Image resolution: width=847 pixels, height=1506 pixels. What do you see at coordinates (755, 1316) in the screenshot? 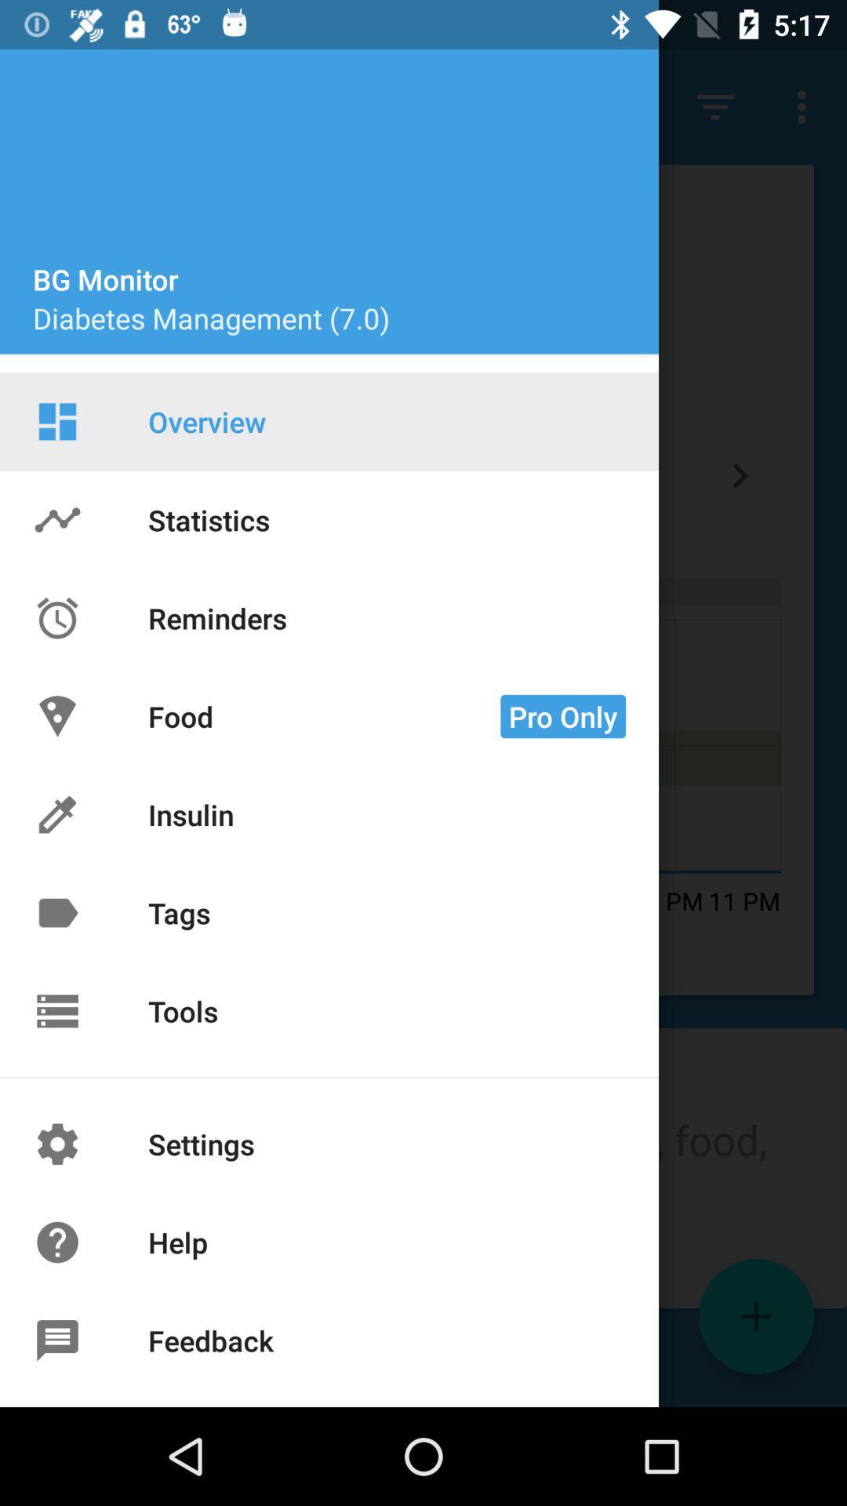
I see `the add icon` at bounding box center [755, 1316].